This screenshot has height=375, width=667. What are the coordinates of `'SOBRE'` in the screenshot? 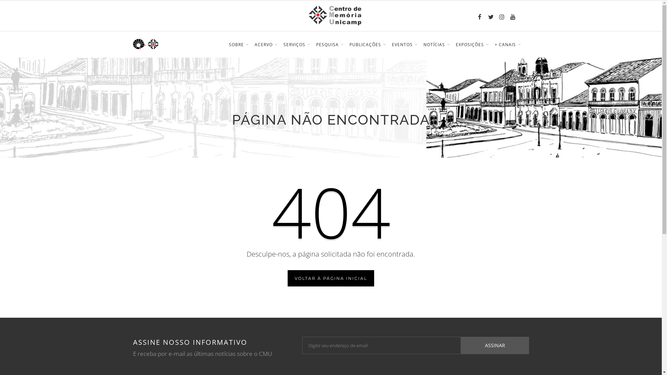 It's located at (238, 44).